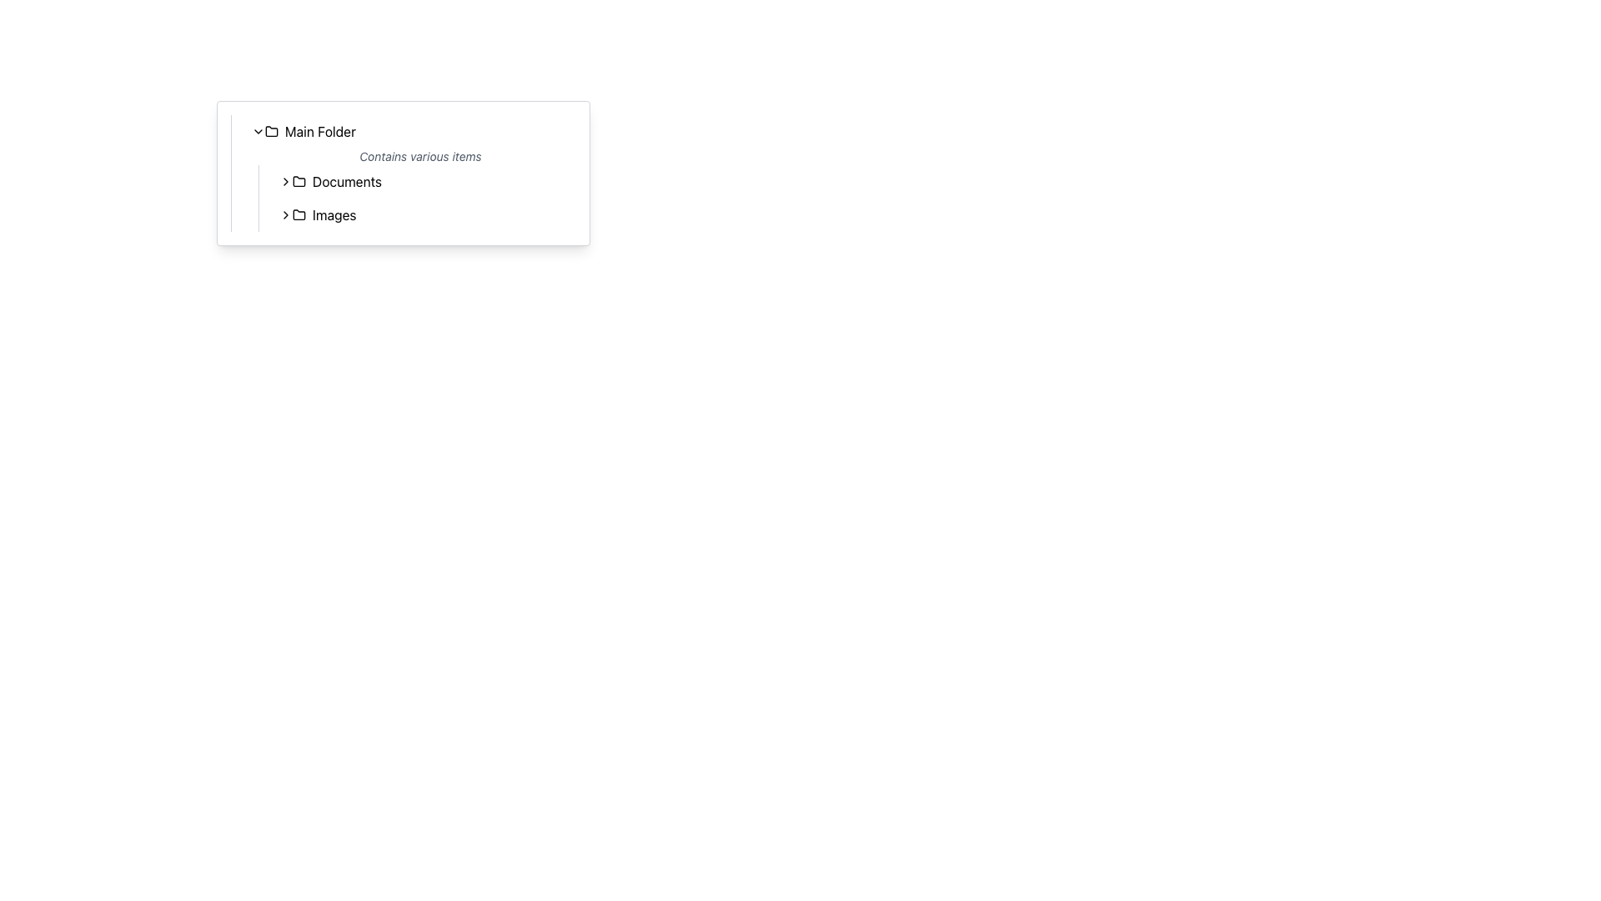 The image size is (1601, 901). I want to click on the label text for the folder named 'Images', which is located in the third row of a vertical list under 'Main Folder' in the 'Documents' subsection, positioned to the right of a folder icon, so click(334, 214).